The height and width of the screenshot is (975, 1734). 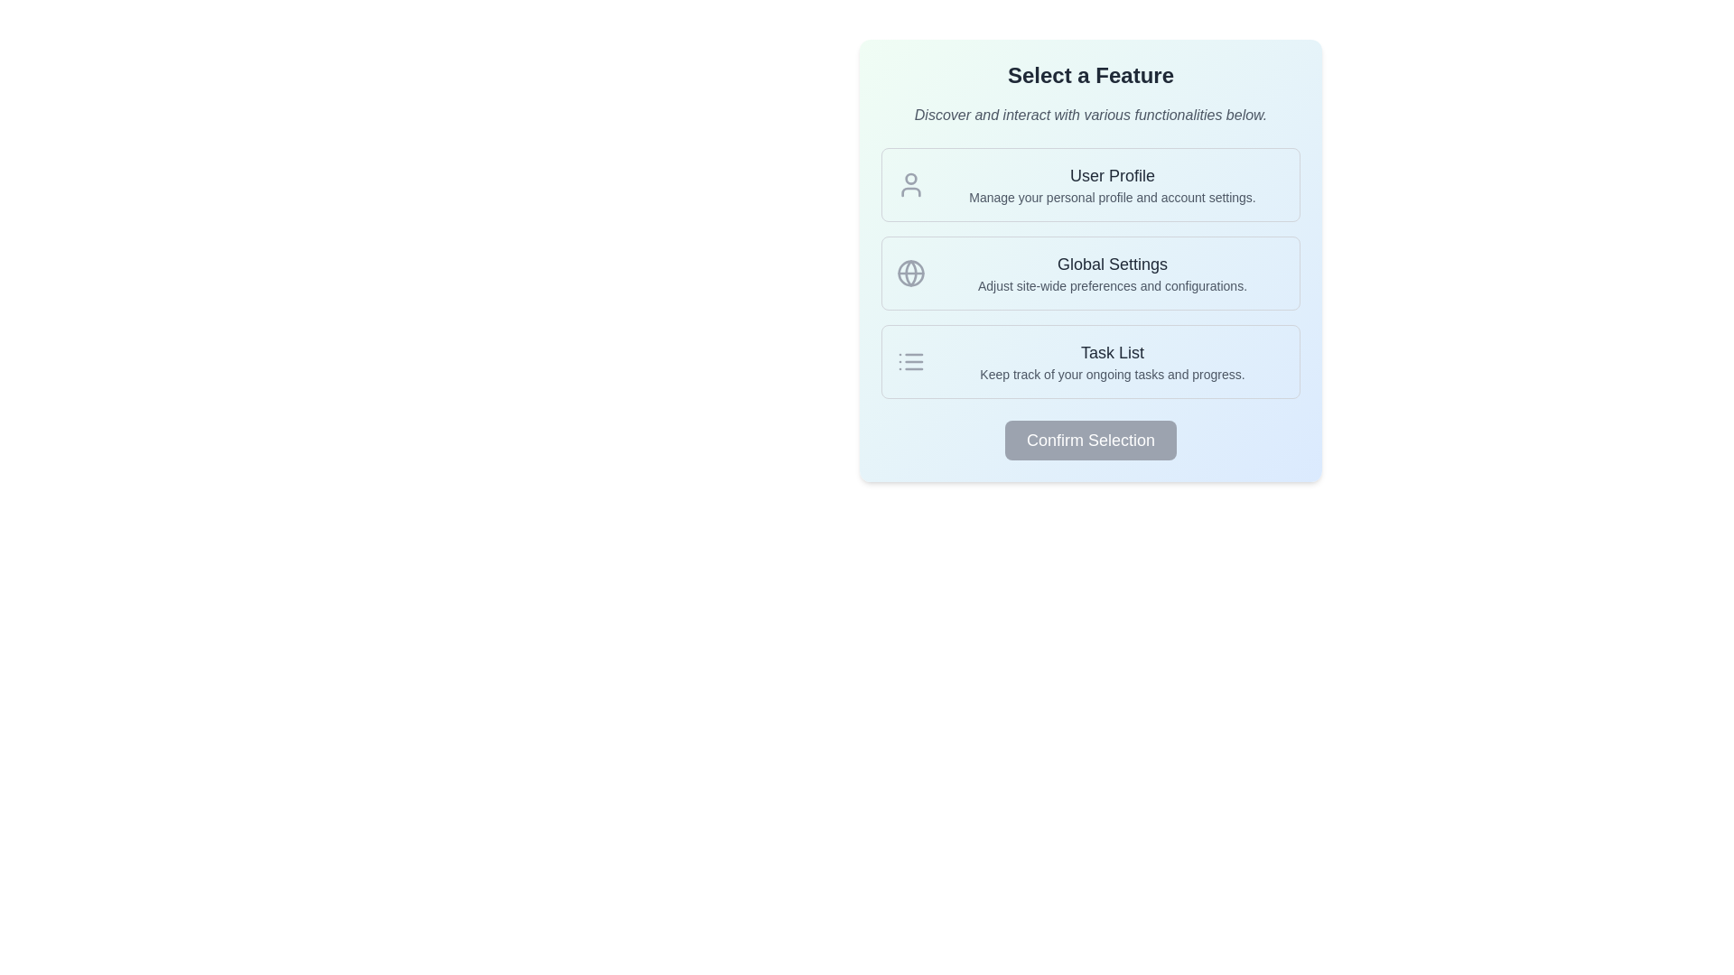 What do you see at coordinates (1112, 198) in the screenshot?
I see `the text label that provides context for the 'User Profile' section, located underneath the 'User Profile' title` at bounding box center [1112, 198].